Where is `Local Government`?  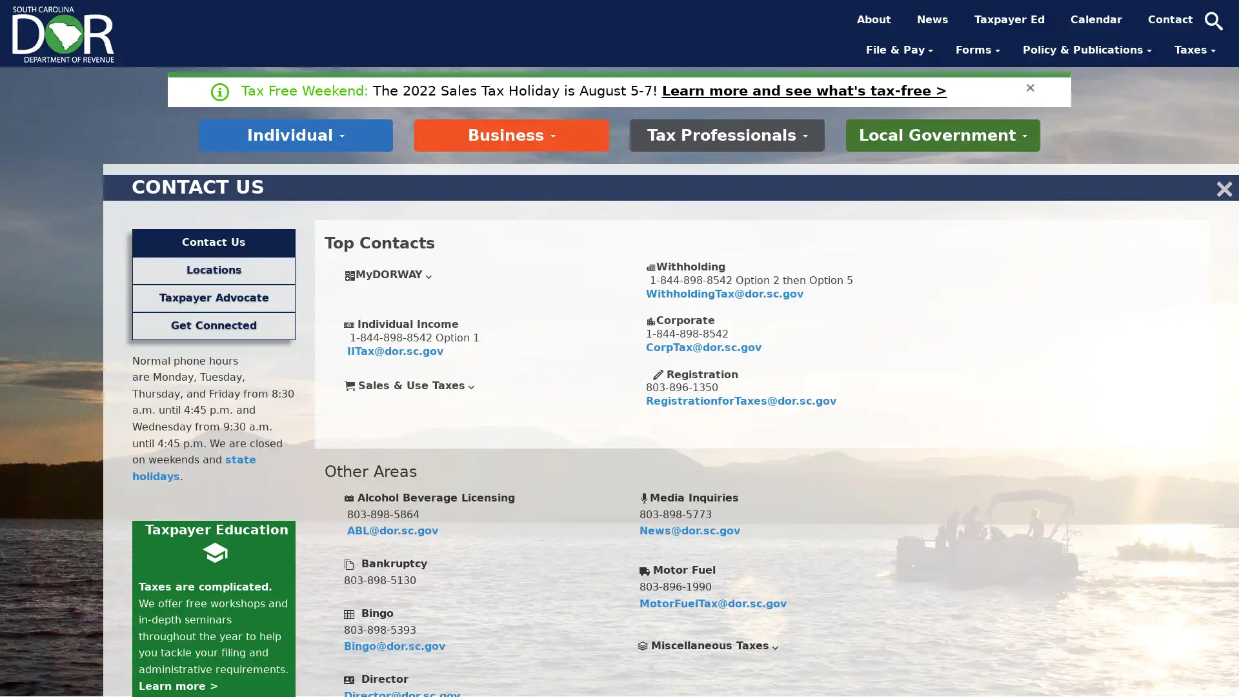
Local Government is located at coordinates (942, 134).